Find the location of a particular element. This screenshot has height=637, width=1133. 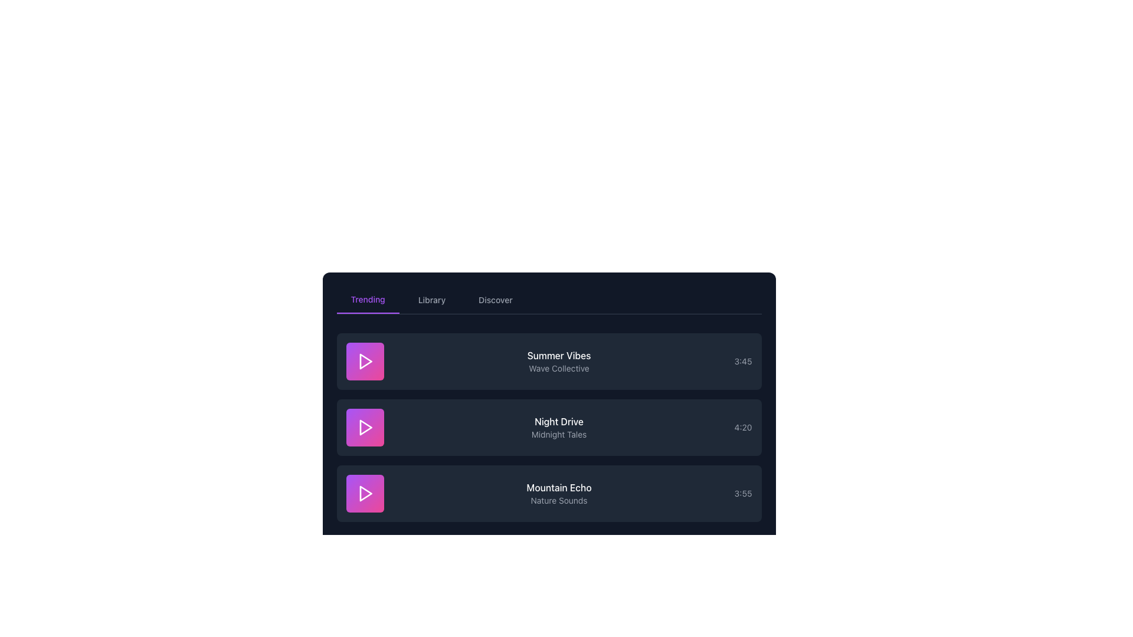

the 'Wave Collective' text label is located at coordinates (558, 367).